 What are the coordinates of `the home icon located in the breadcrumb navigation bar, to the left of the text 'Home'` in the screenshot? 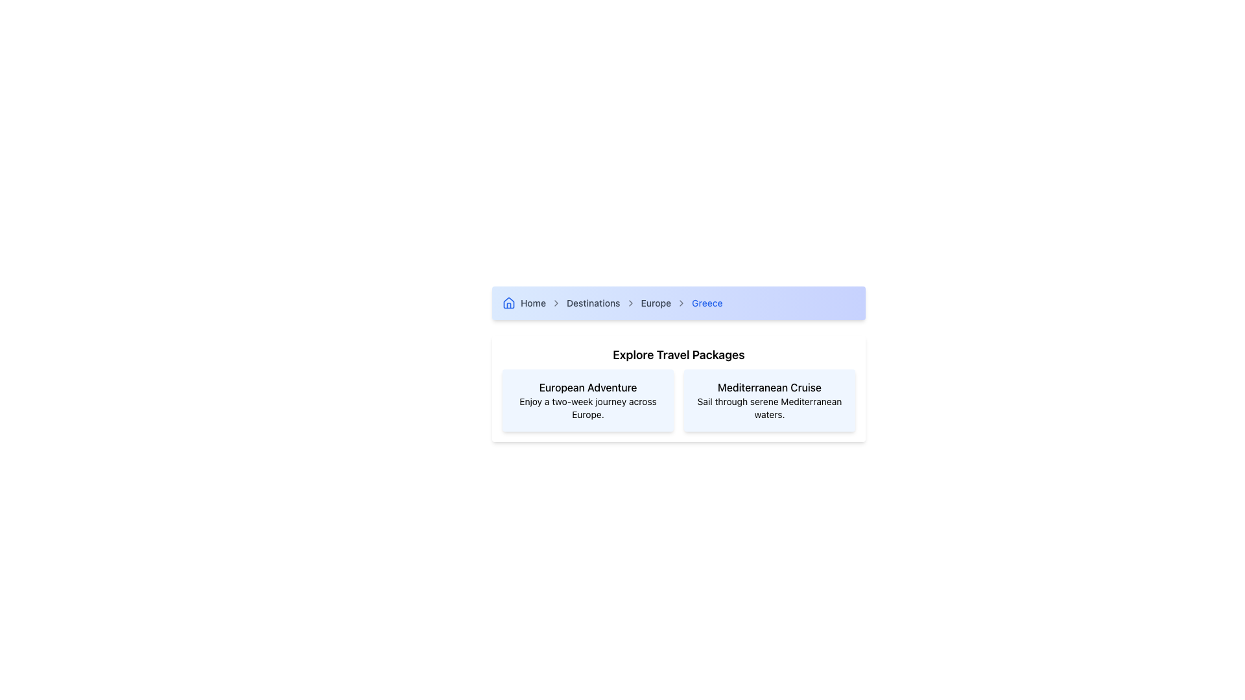 It's located at (508, 302).